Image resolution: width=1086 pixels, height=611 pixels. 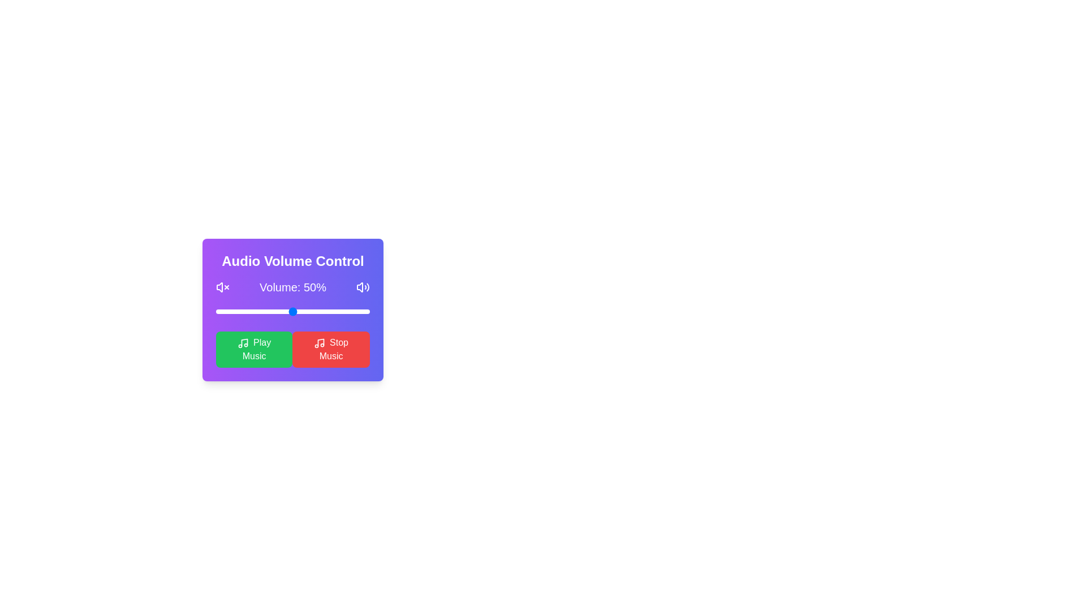 What do you see at coordinates (244, 342) in the screenshot?
I see `the decorative SVG music icon located near the left side of the green 'Play Music' button` at bounding box center [244, 342].